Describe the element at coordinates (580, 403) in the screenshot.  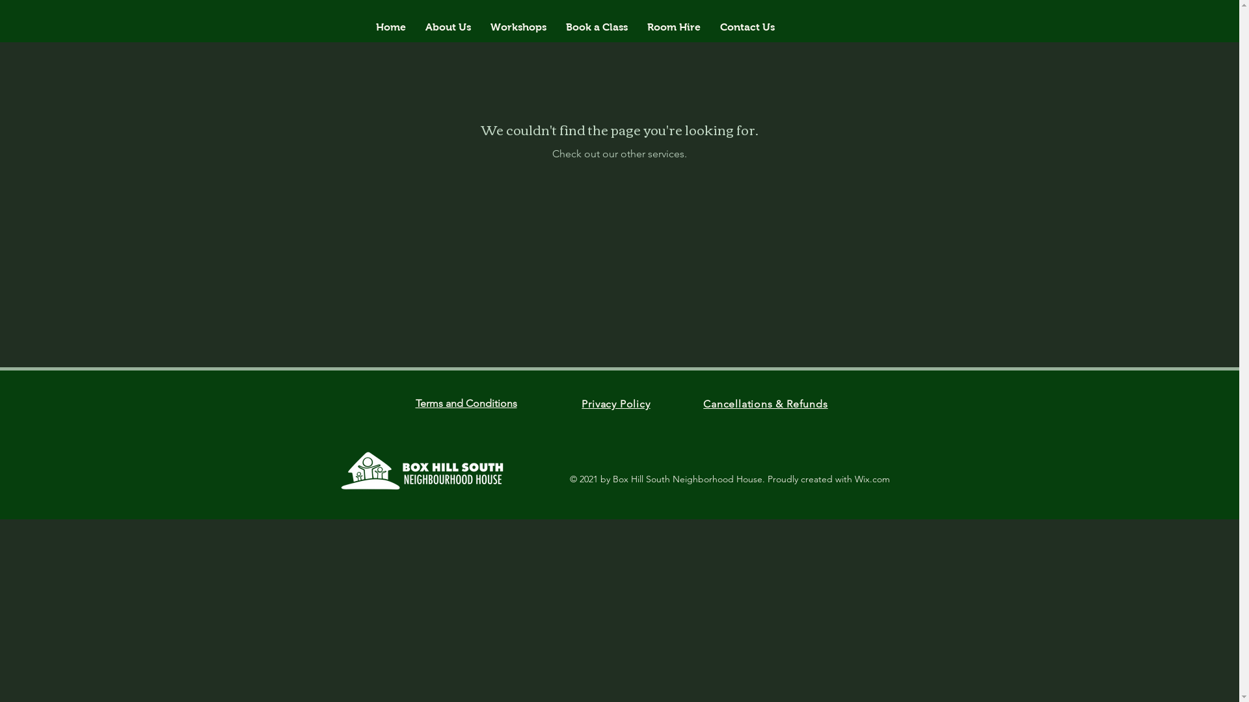
I see `'Privacy Policy'` at that location.